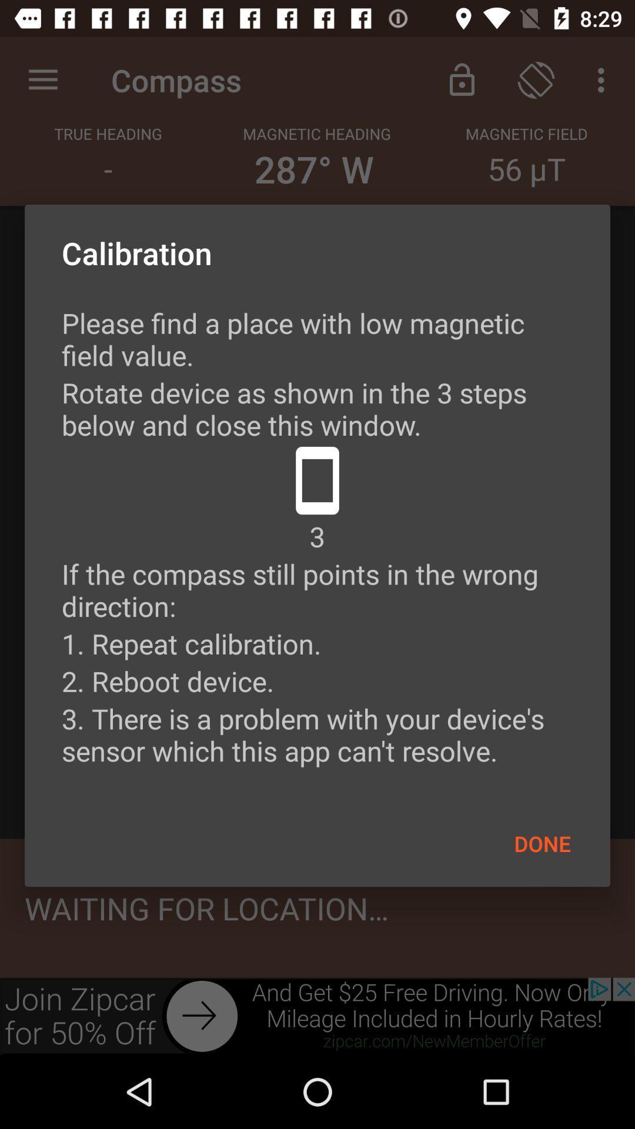 The height and width of the screenshot is (1129, 635). What do you see at coordinates (542, 843) in the screenshot?
I see `done at the bottom right corner` at bounding box center [542, 843].